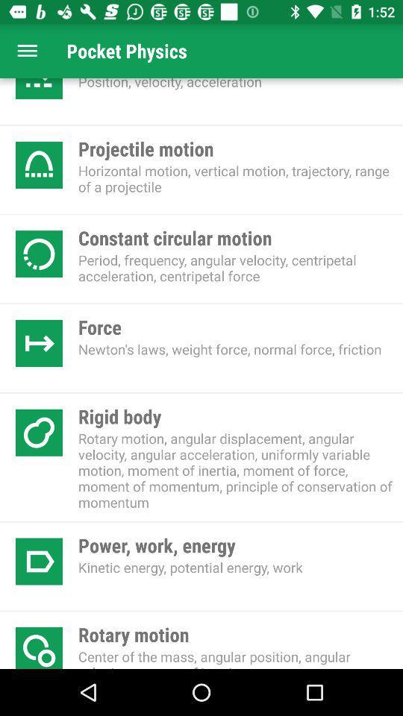  Describe the element at coordinates (27, 51) in the screenshot. I see `the app to the left of pocket physics app` at that location.